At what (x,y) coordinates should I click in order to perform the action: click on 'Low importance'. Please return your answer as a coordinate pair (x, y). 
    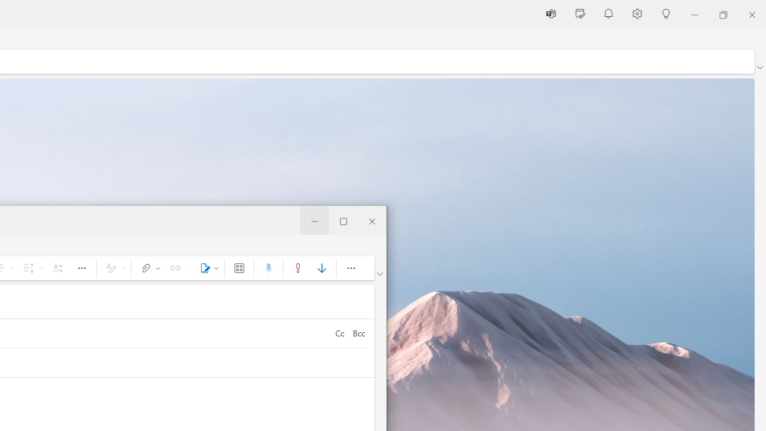
    Looking at the image, I should click on (322, 267).